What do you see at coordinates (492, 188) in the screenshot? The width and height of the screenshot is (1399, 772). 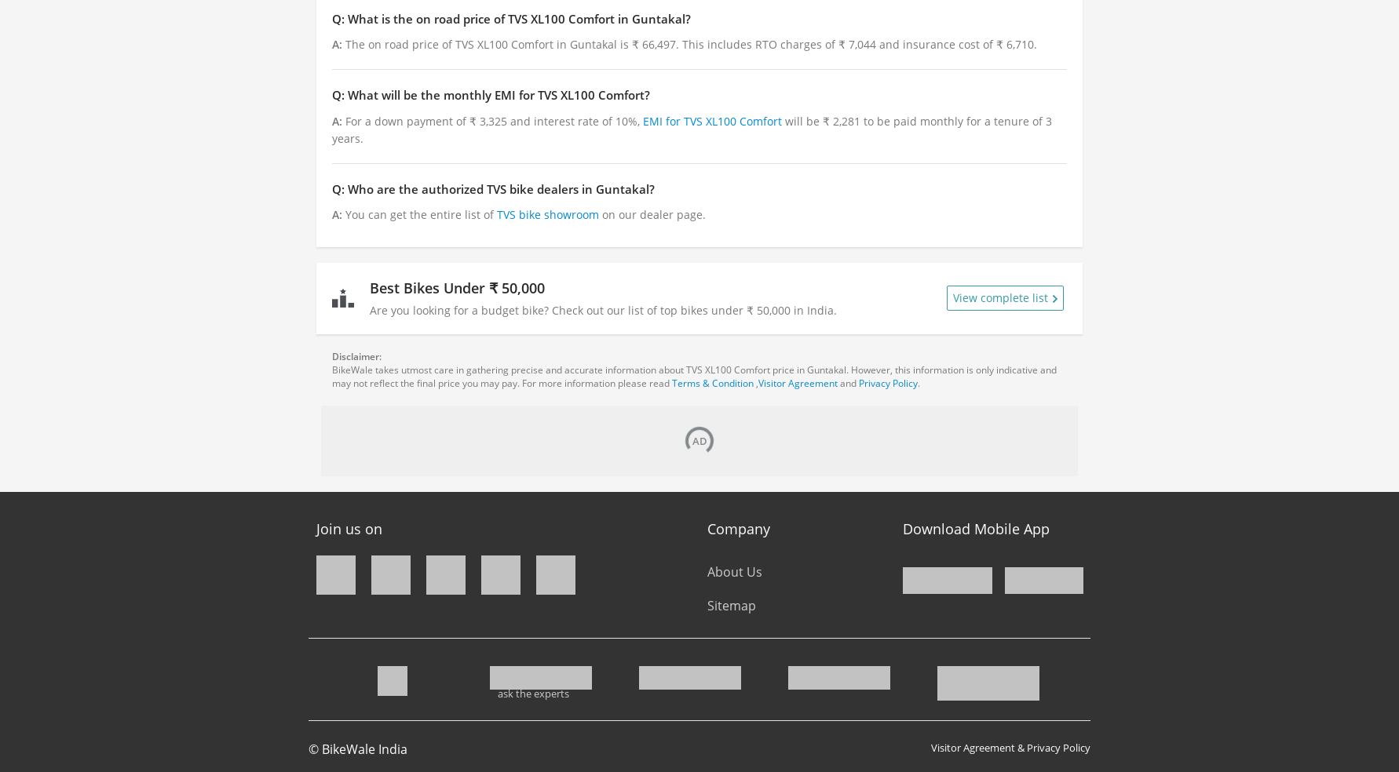 I see `'Q: Who are the authorized TVS bike dealers in Guntakal?'` at bounding box center [492, 188].